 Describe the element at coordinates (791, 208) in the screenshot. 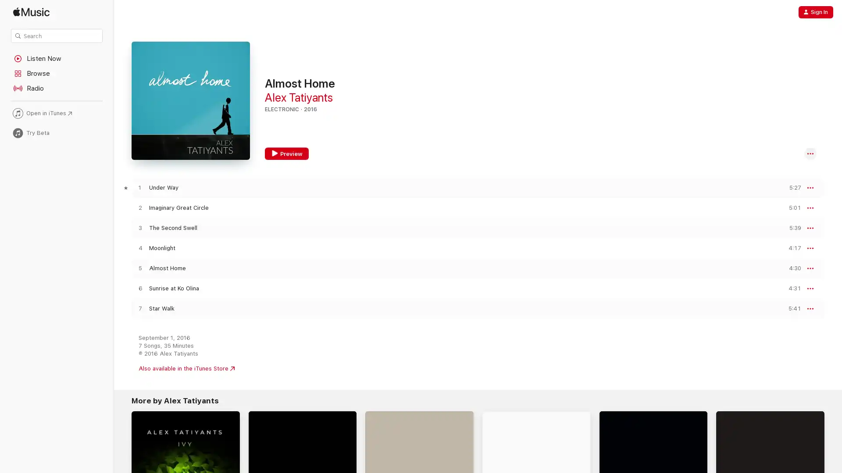

I see `Preview` at that location.